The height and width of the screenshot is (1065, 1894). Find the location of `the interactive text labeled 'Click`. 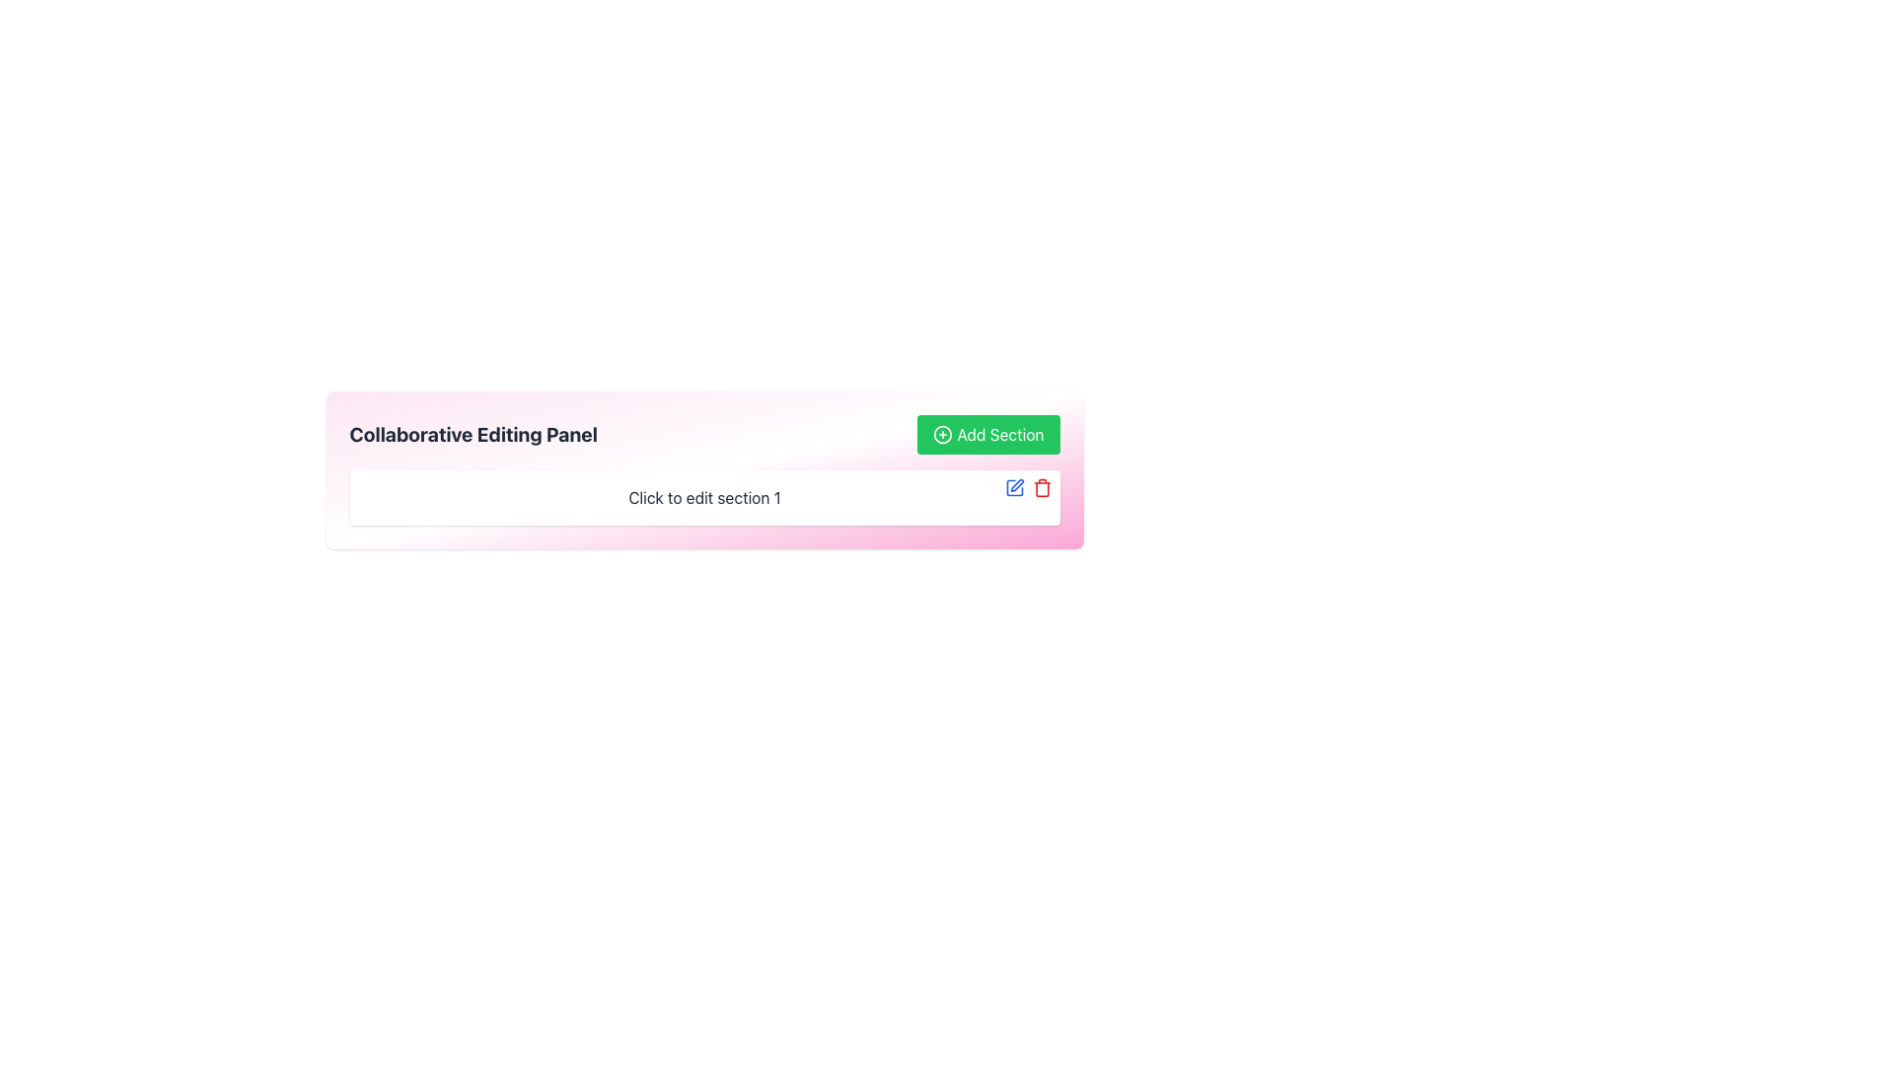

the interactive text labeled 'Click is located at coordinates (704, 497).